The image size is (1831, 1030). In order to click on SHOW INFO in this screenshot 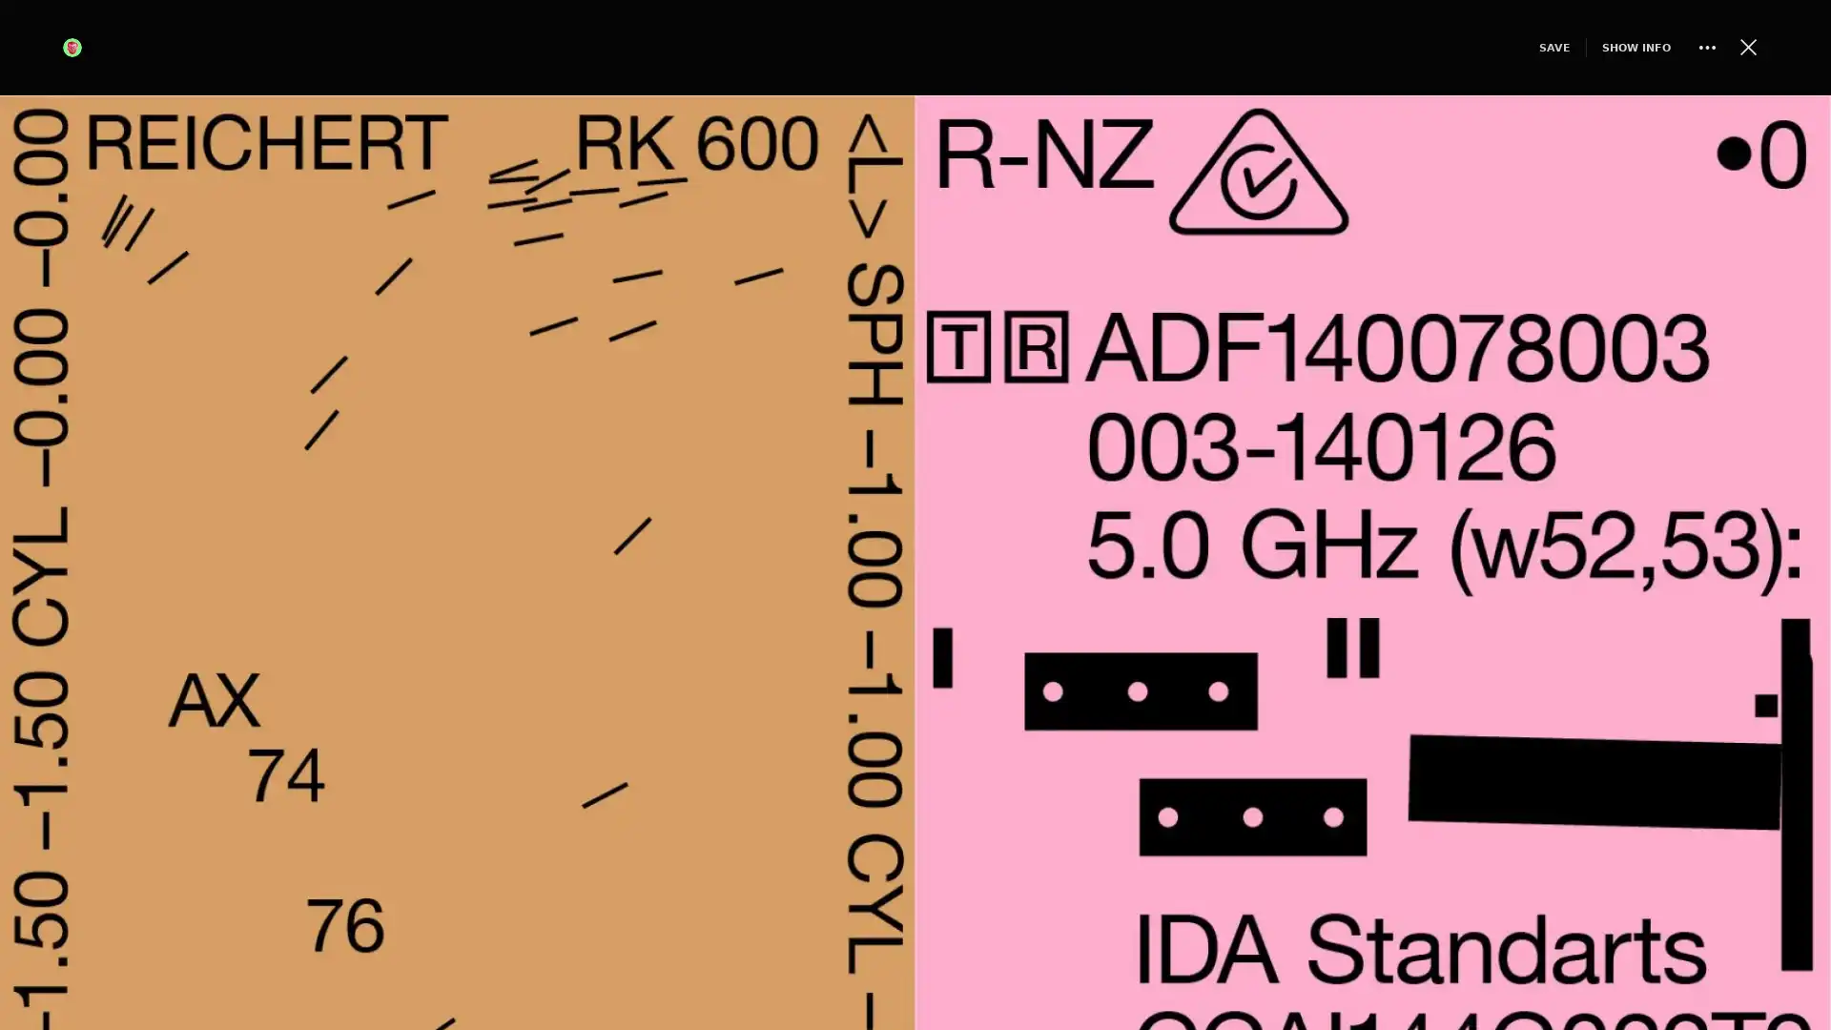, I will do `click(1602, 46)`.